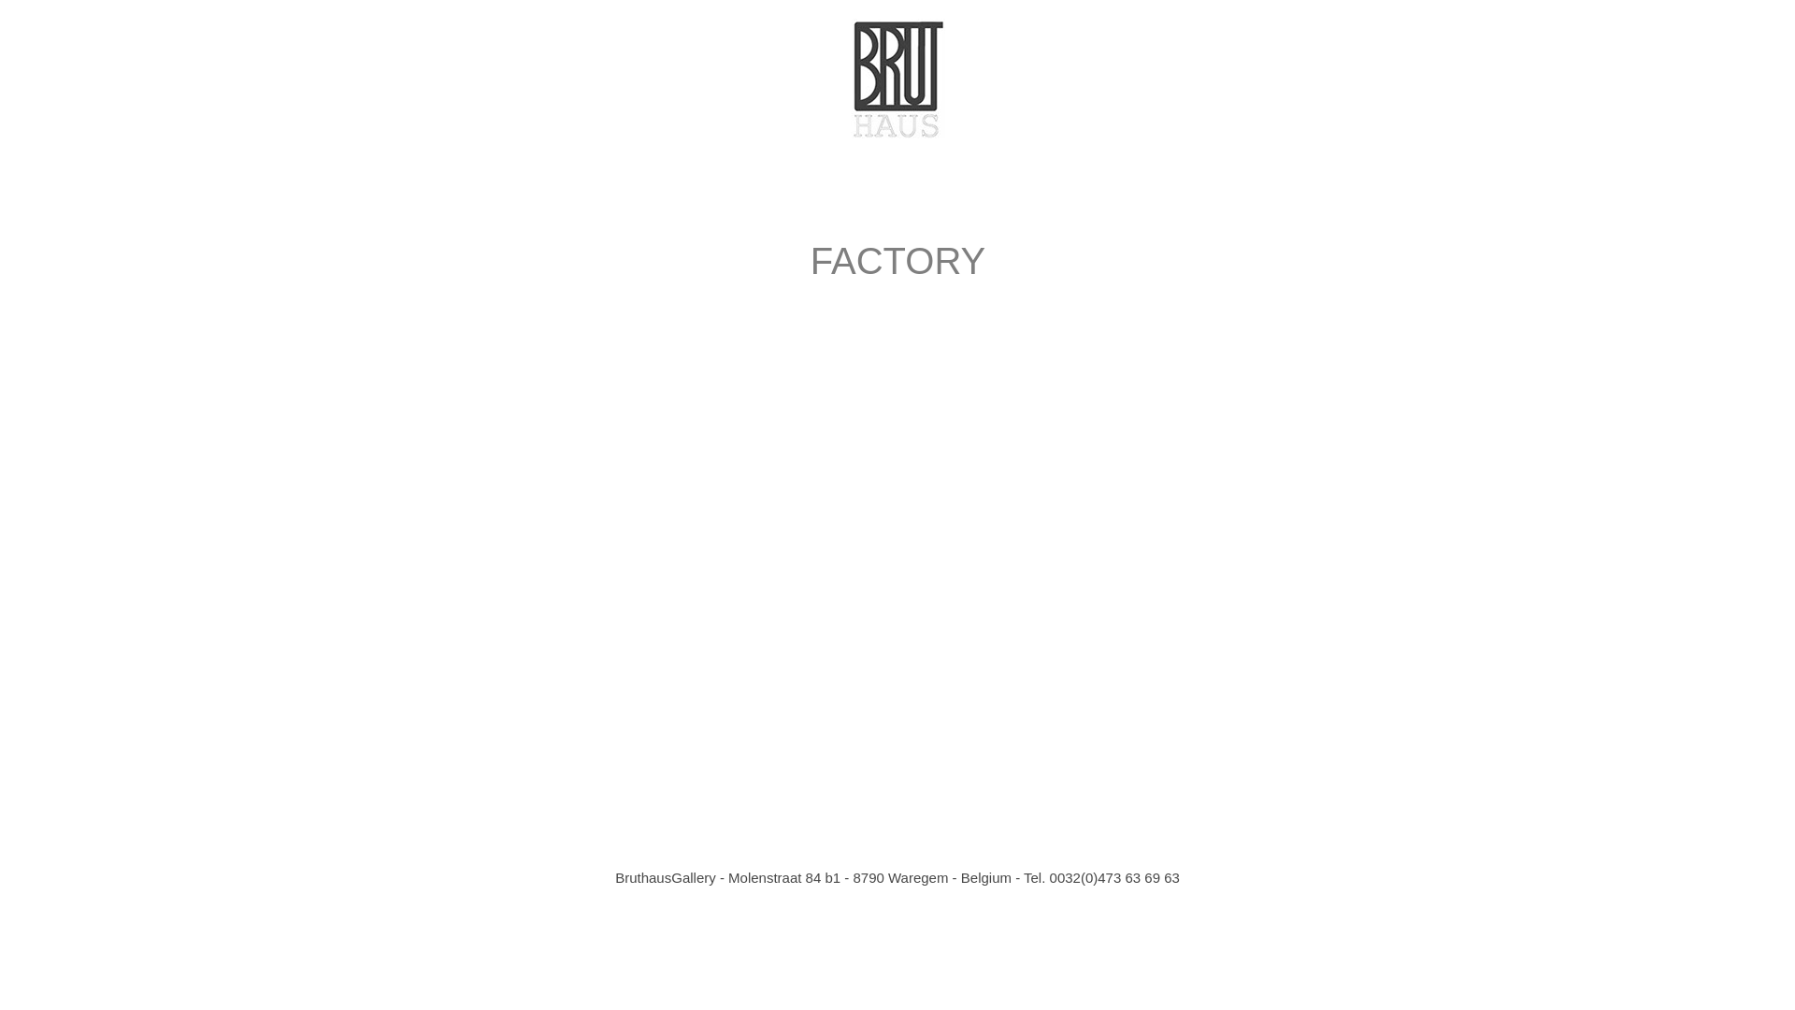 The height and width of the screenshot is (1010, 1795). Describe the element at coordinates (850, 78) in the screenshot. I see `'Bruthaus logo'` at that location.